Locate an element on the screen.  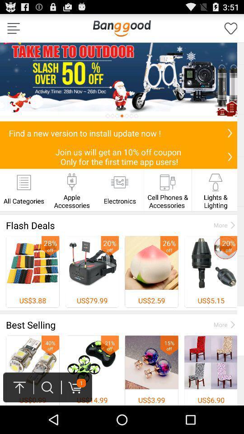
the favorite icon is located at coordinates (231, 30).